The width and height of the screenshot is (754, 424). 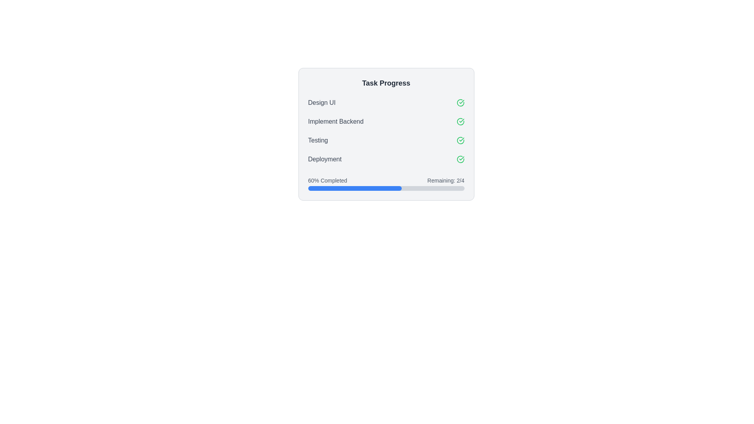 What do you see at coordinates (386, 159) in the screenshot?
I see `title 'Deployment' from the List item in the task progress tracker, which is indicated by a green checkmark, located within the task progress card as the fourth item` at bounding box center [386, 159].